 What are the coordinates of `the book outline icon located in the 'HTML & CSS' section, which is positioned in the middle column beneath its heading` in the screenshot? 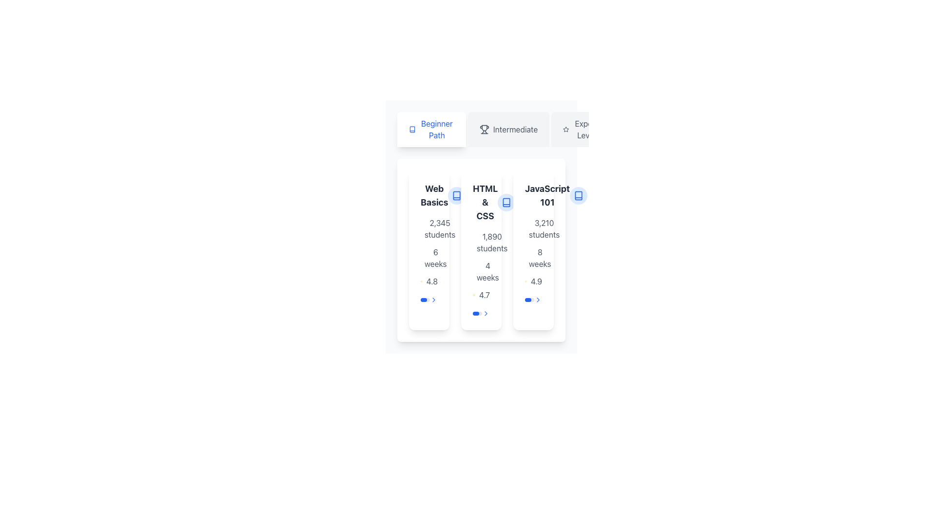 It's located at (507, 202).